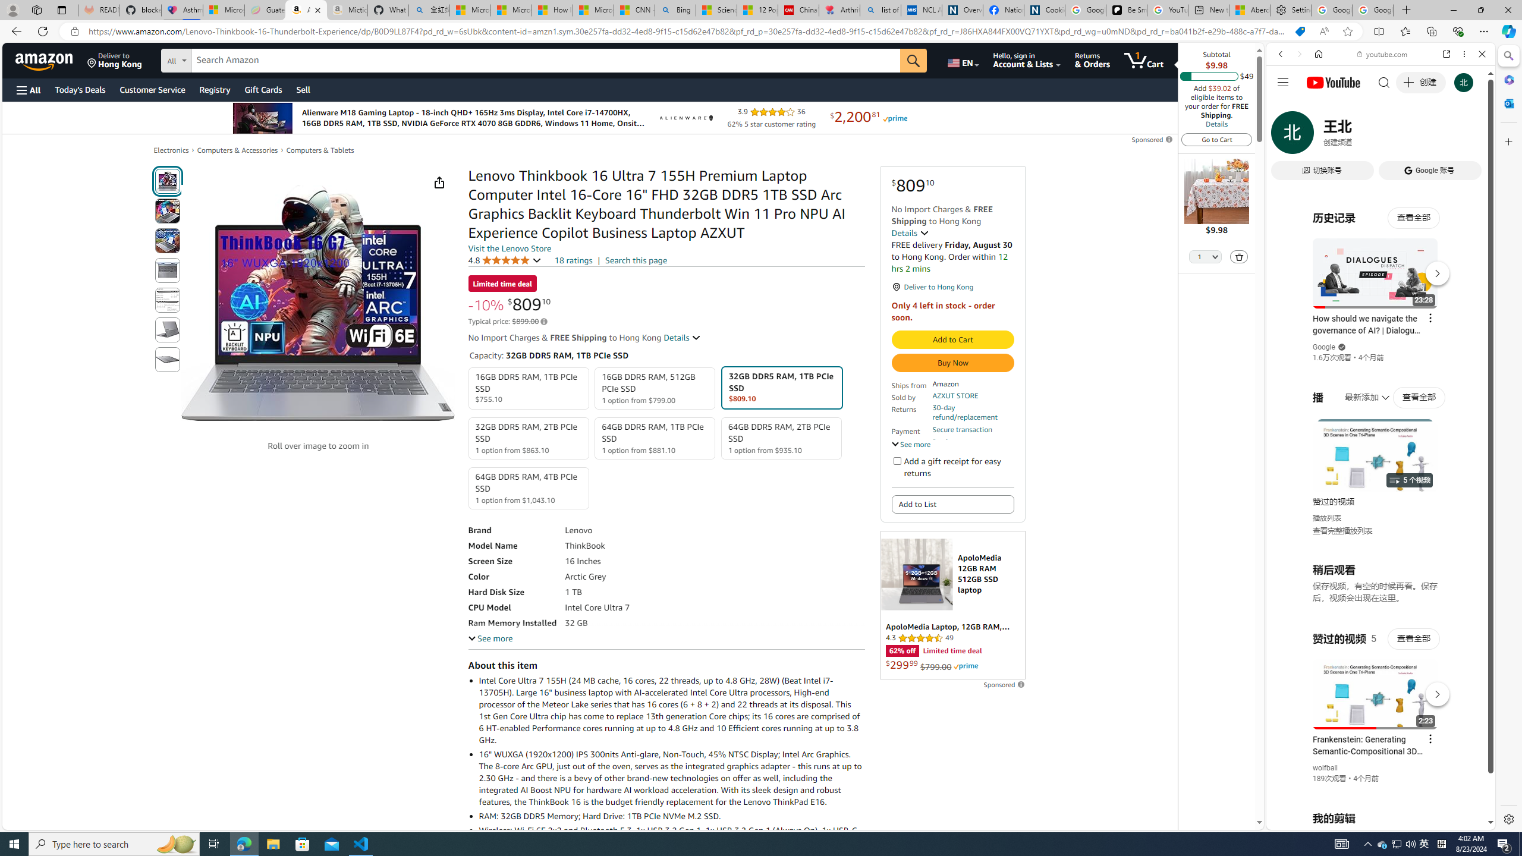  What do you see at coordinates (1376, 586) in the screenshot?
I see `'YouTube - YouTube'` at bounding box center [1376, 586].